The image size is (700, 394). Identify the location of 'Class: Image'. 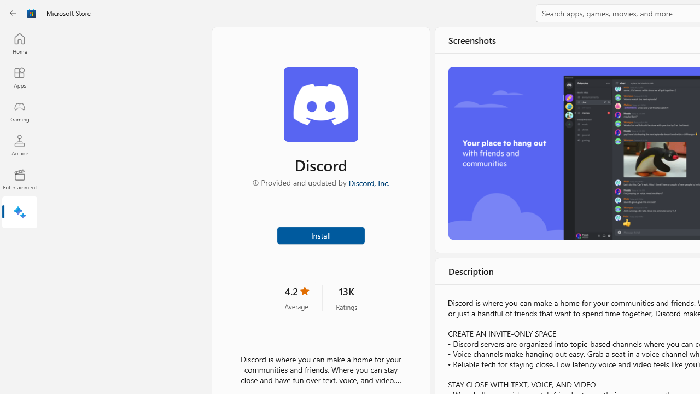
(32, 13).